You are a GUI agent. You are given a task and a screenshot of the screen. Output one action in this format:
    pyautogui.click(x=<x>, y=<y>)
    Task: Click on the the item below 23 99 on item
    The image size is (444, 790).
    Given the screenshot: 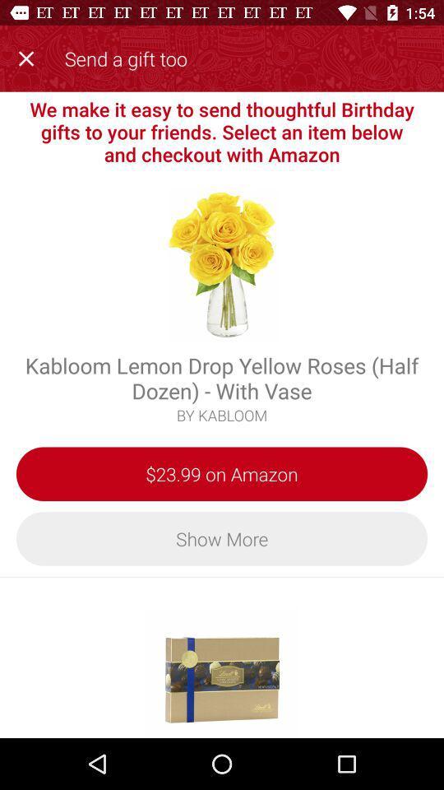 What is the action you would take?
    pyautogui.click(x=222, y=537)
    